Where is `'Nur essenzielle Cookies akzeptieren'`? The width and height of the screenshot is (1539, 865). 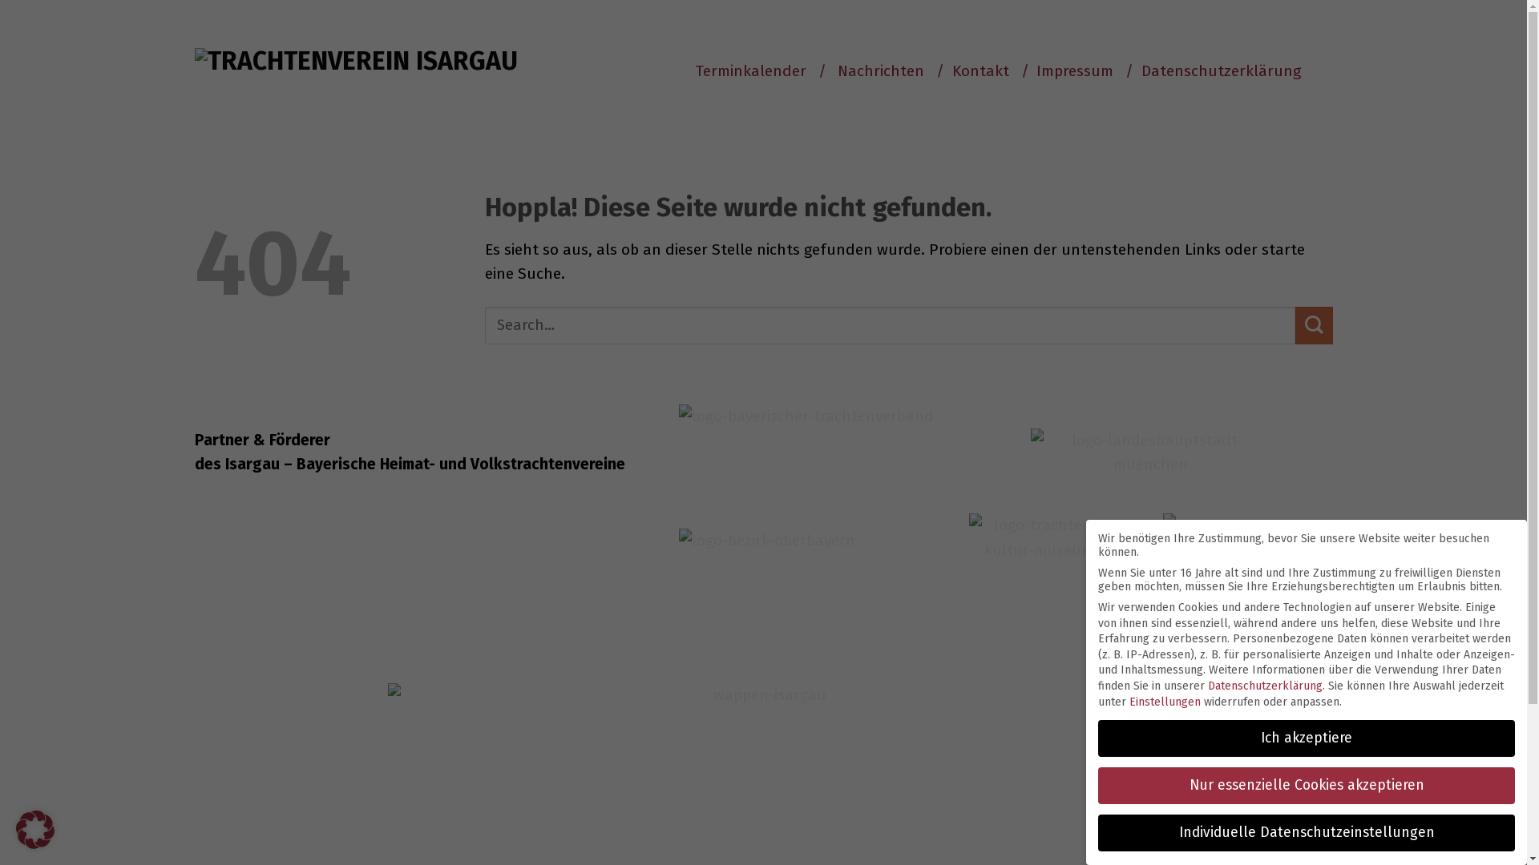 'Nur essenzielle Cookies akzeptieren' is located at coordinates (1307, 784).